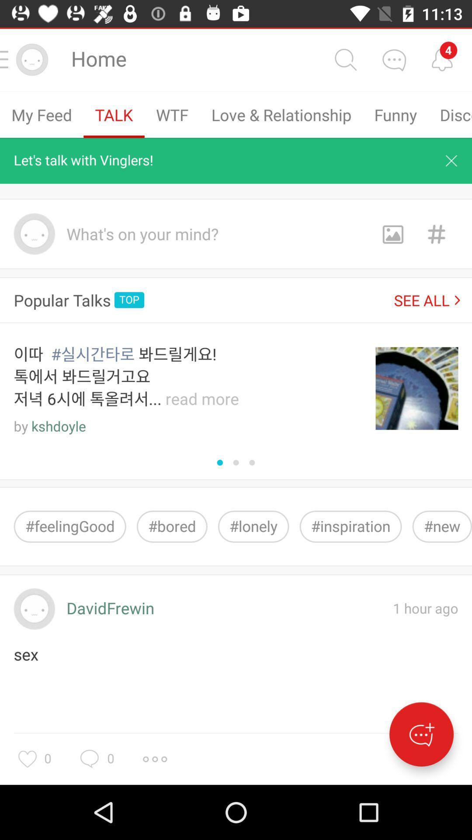 This screenshot has width=472, height=840. What do you see at coordinates (442, 59) in the screenshot?
I see `check the notifications` at bounding box center [442, 59].